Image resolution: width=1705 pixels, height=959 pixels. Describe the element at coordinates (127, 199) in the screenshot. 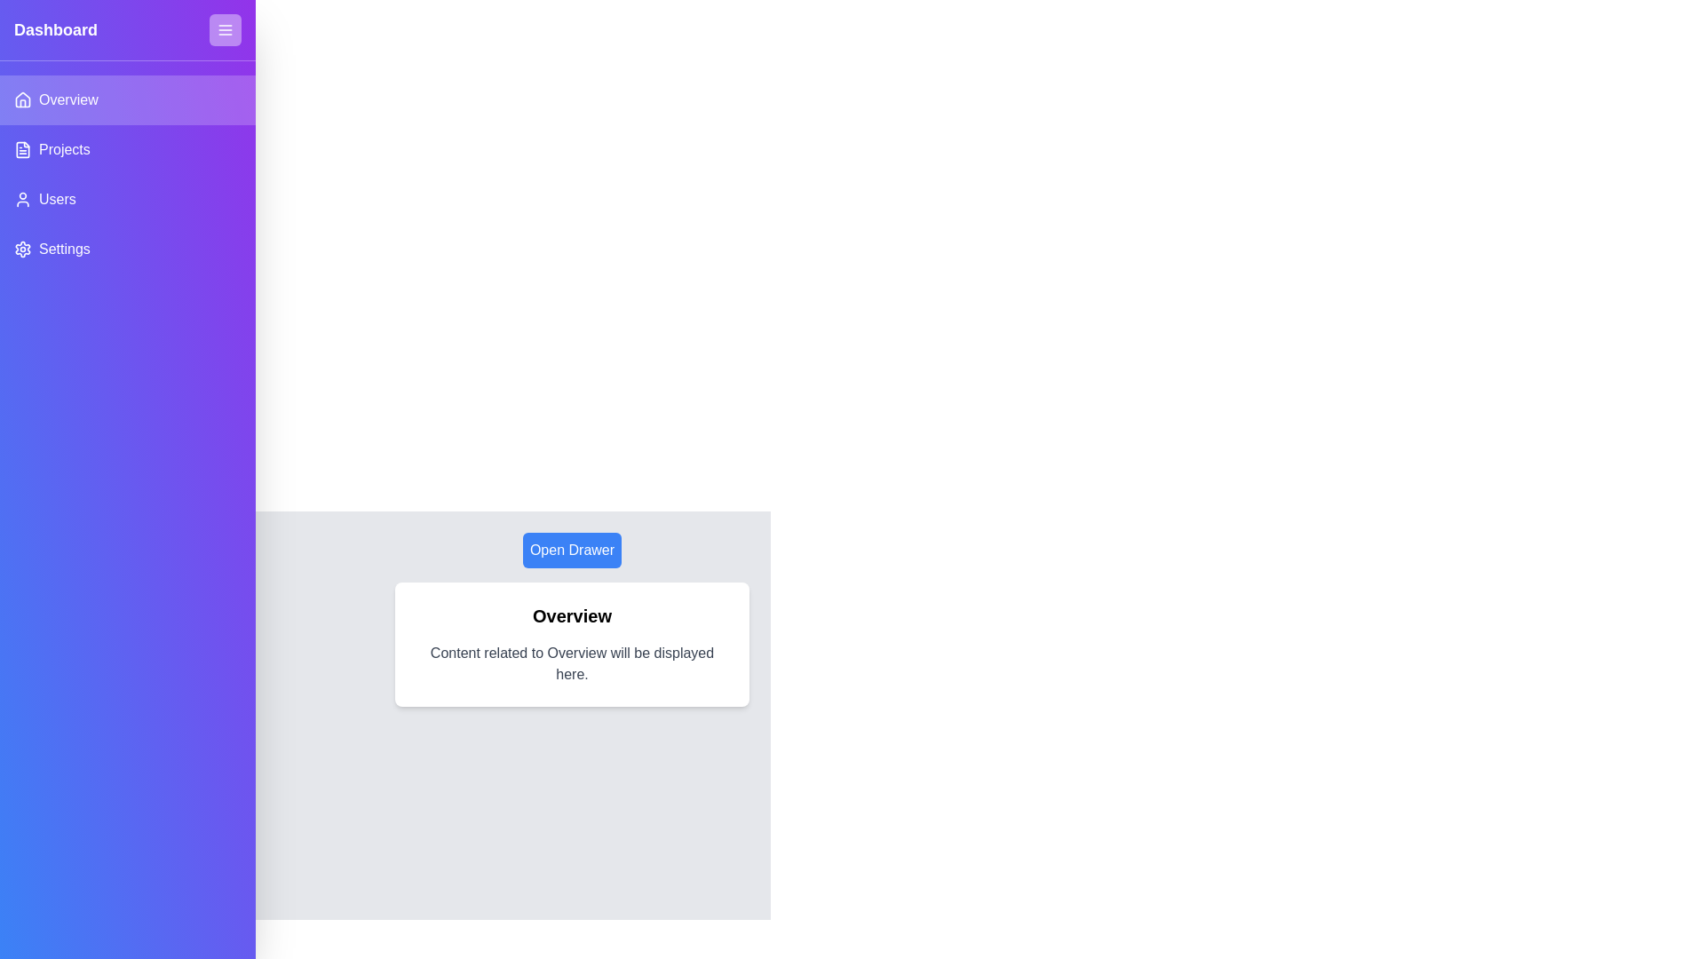

I see `the menu item Users from the list` at that location.